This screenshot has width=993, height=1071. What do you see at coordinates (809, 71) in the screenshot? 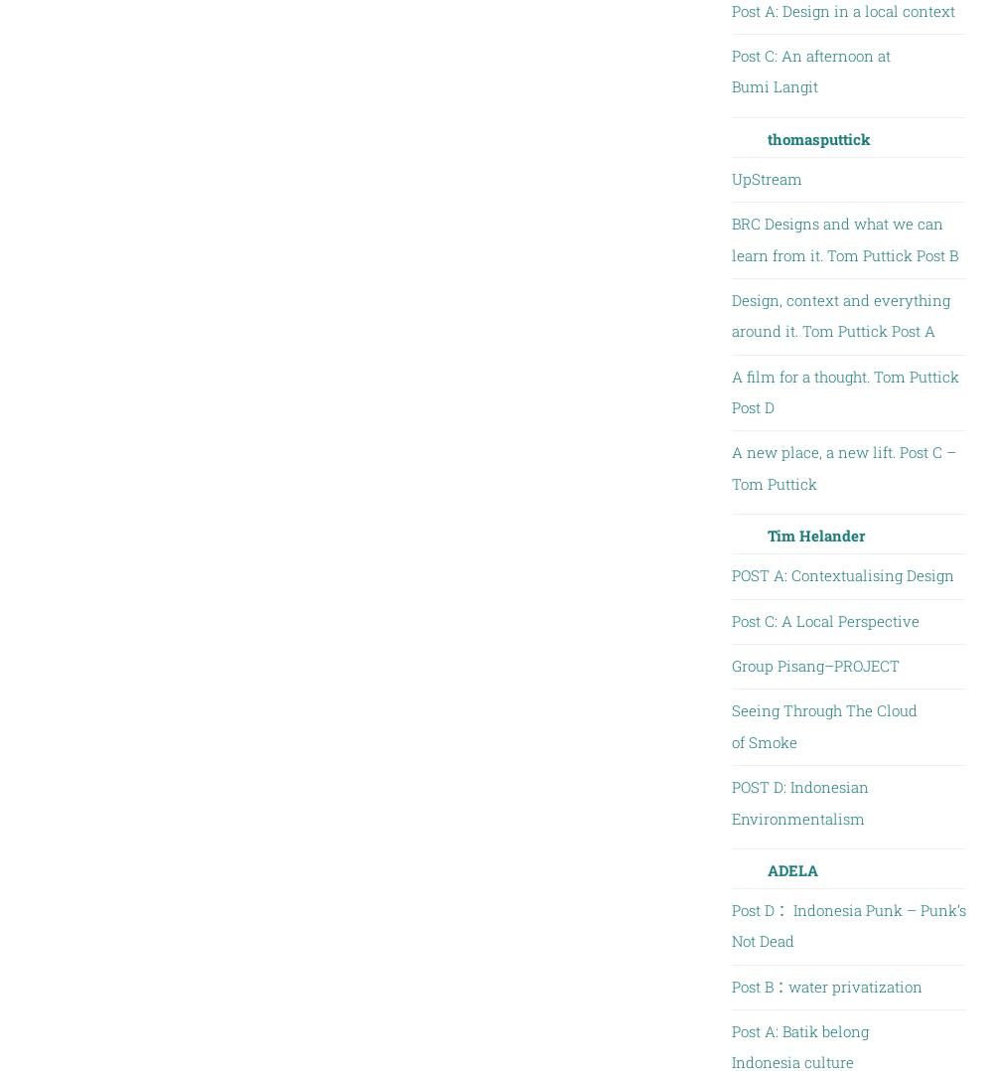
I see `'Post C: An afternoon at Bumi Langit'` at bounding box center [809, 71].